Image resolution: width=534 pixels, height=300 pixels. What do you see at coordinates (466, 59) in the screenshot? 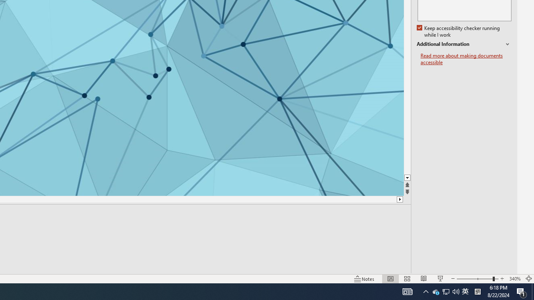
I see `'Read more about making documents accessible'` at bounding box center [466, 59].